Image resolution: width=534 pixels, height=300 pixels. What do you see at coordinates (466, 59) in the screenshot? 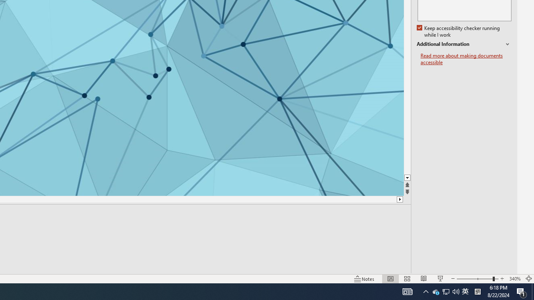
I see `'Read more about making documents accessible'` at bounding box center [466, 59].